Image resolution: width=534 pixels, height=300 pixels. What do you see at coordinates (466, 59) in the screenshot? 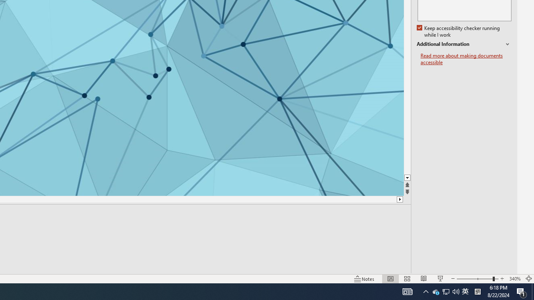
I see `'Read more about making documents accessible'` at bounding box center [466, 59].